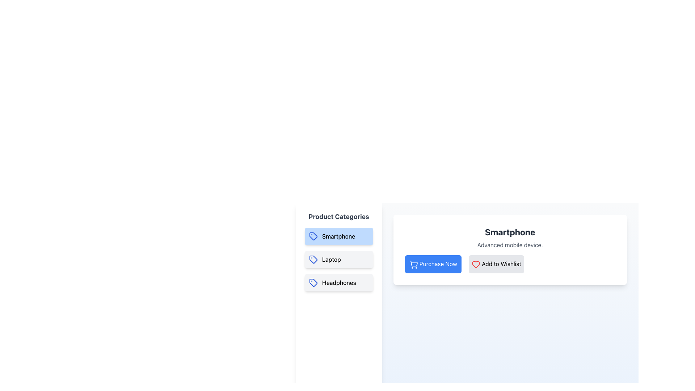 This screenshot has height=391, width=695. I want to click on the 'Laptop' icon in the 'Product Categories' section, located below 'Smartphone', so click(313, 259).